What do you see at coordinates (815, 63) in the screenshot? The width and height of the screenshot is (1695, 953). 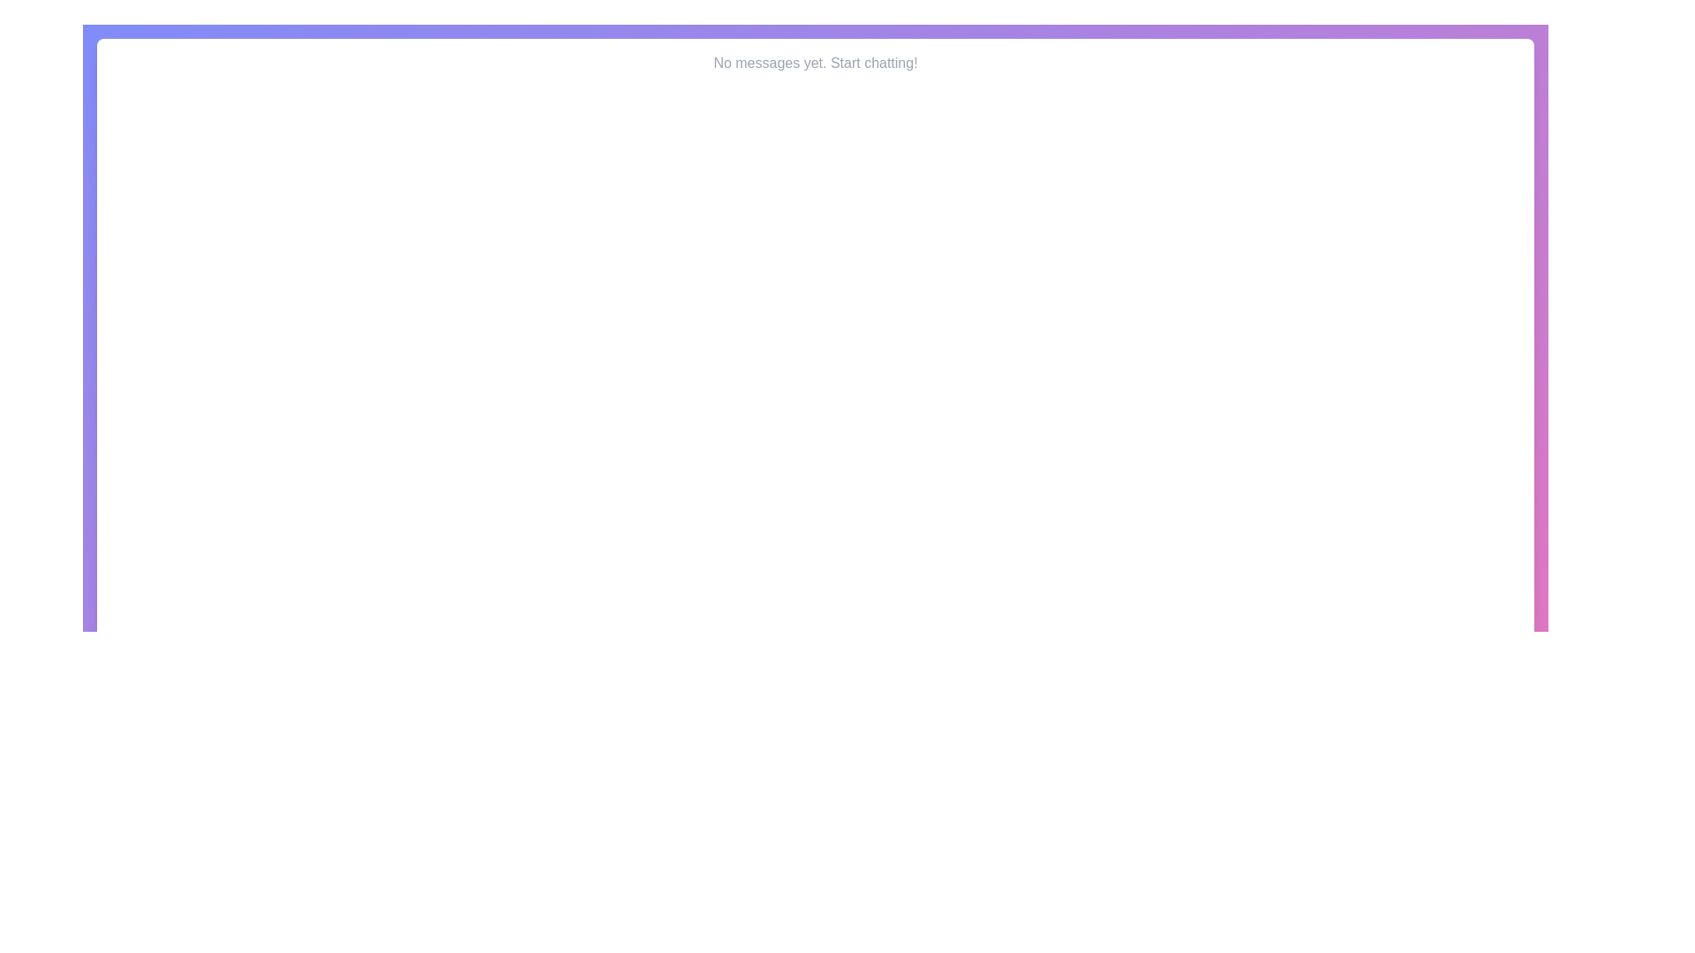 I see `the text label that prompts the user that no messages exist and encourages starting a new chat` at bounding box center [815, 63].